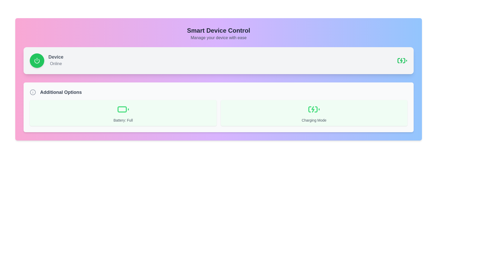 The image size is (497, 280). I want to click on the leftmost part of the battery enclosure within the Charging Mode section of the displayed charging icon, so click(310, 109).